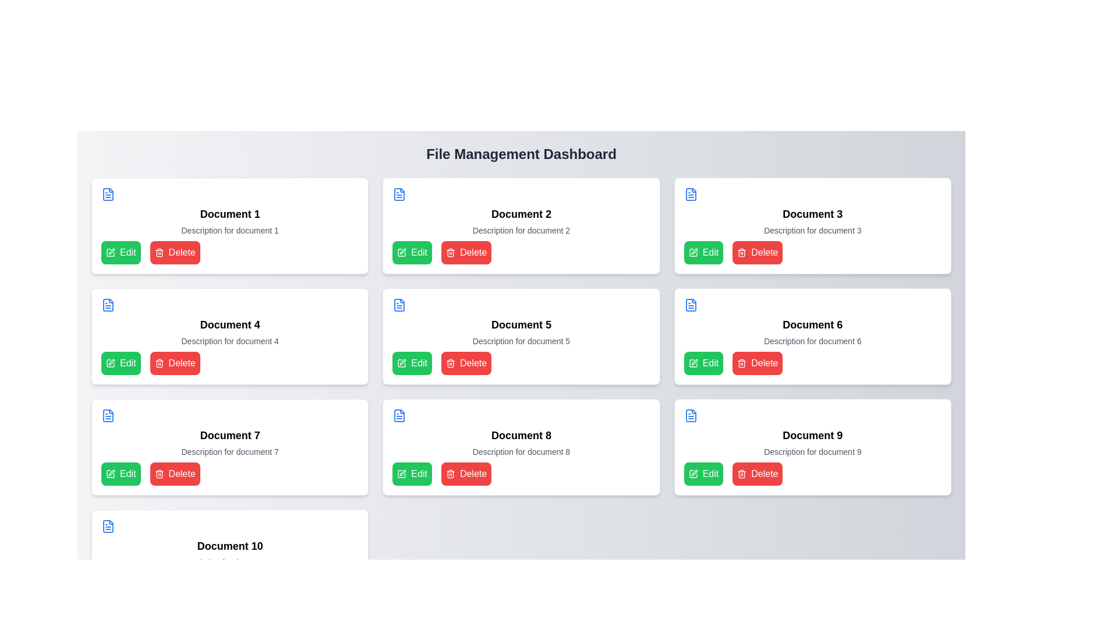 This screenshot has height=629, width=1118. I want to click on the static text element that provides a brief description of 'Document 6', located below the 'Document 6' title in the middle column of the second row on the dashboard, so click(812, 341).